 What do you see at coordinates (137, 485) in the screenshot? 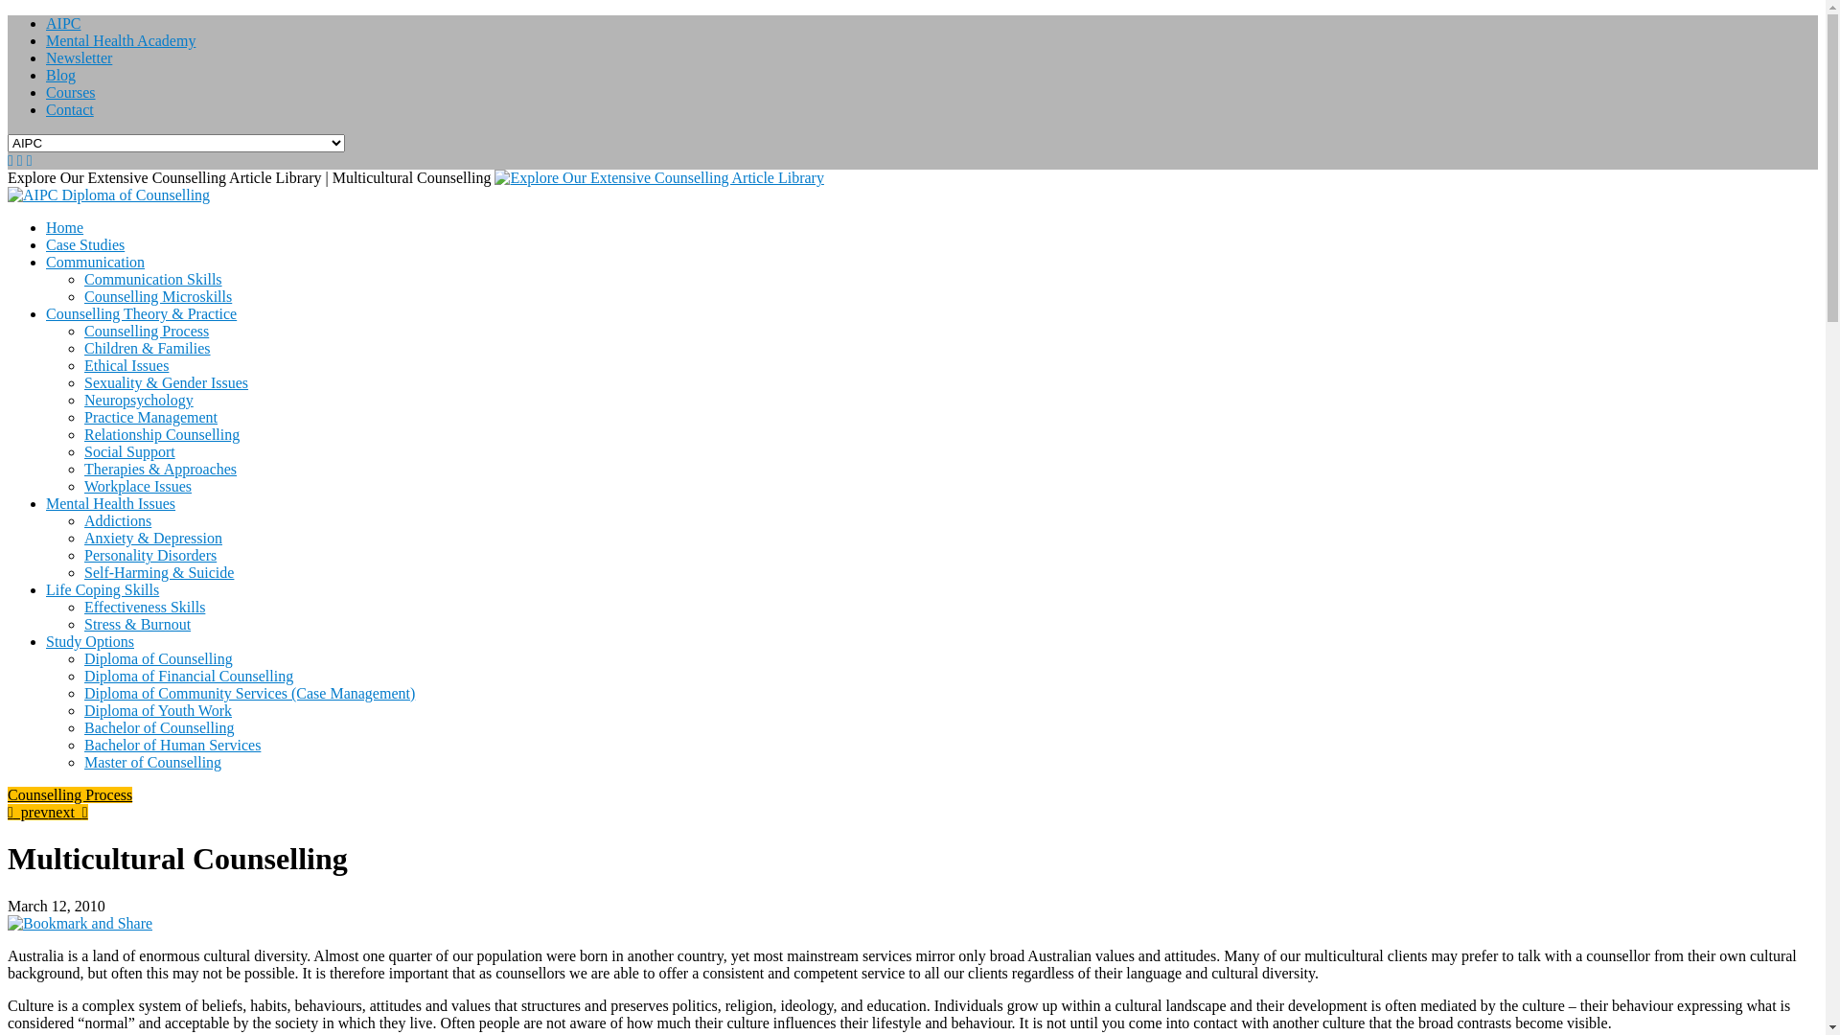
I see `'Workplace Issues'` at bounding box center [137, 485].